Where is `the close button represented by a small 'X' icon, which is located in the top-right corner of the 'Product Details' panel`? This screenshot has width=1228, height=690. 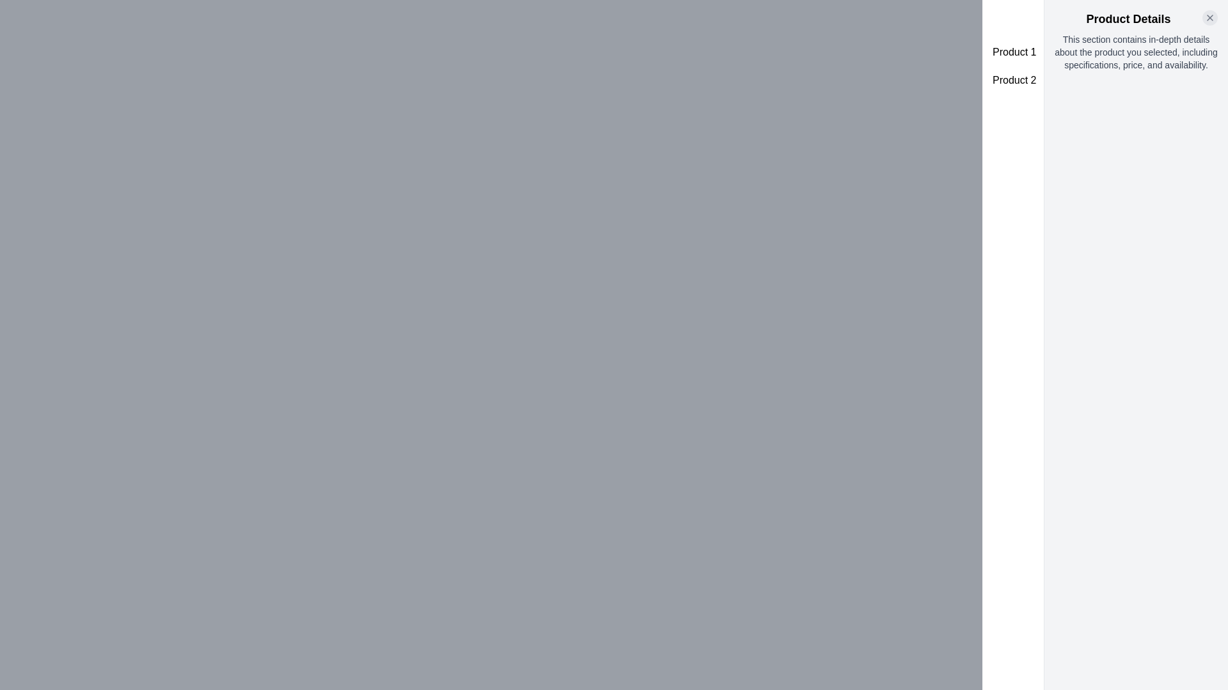 the close button represented by a small 'X' icon, which is located in the top-right corner of the 'Product Details' panel is located at coordinates (1209, 17).